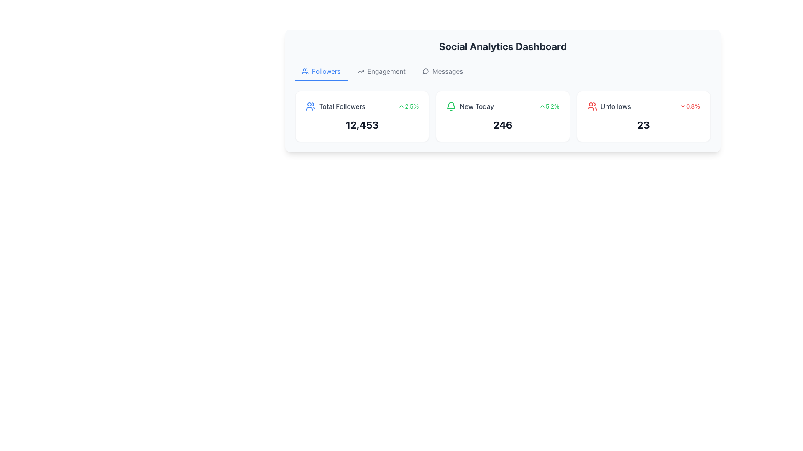 Image resolution: width=803 pixels, height=451 pixels. Describe the element at coordinates (326, 71) in the screenshot. I see `the 'Followers' text label styled in blue within the horizontal navigation bar` at that location.